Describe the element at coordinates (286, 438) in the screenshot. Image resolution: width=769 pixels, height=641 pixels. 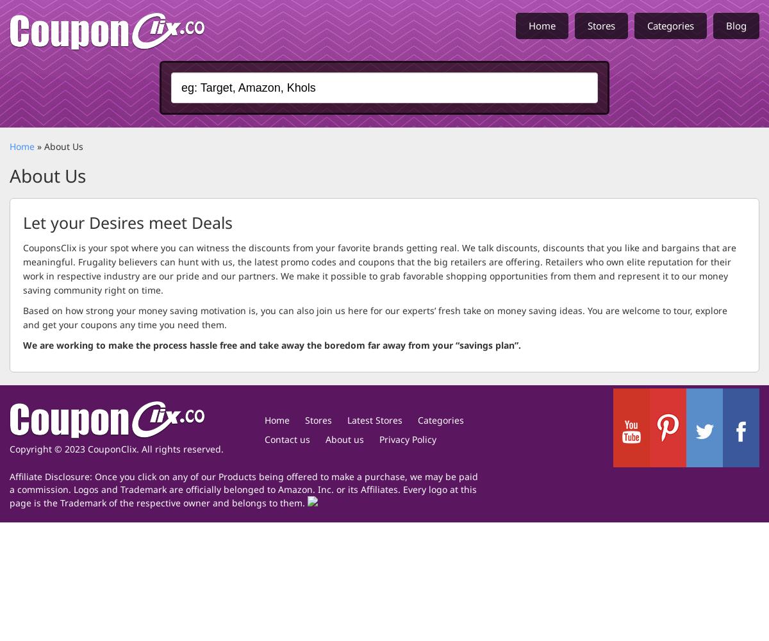
I see `'Contact us'` at that location.